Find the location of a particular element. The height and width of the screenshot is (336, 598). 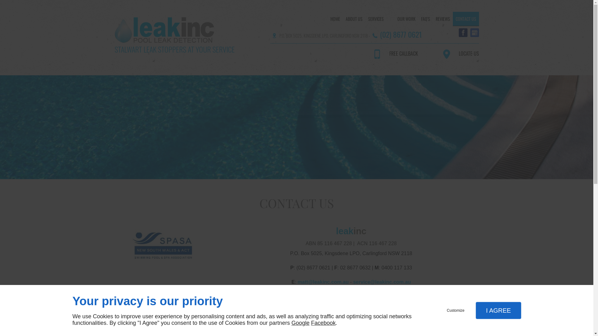

'Facebook' is located at coordinates (458, 32).